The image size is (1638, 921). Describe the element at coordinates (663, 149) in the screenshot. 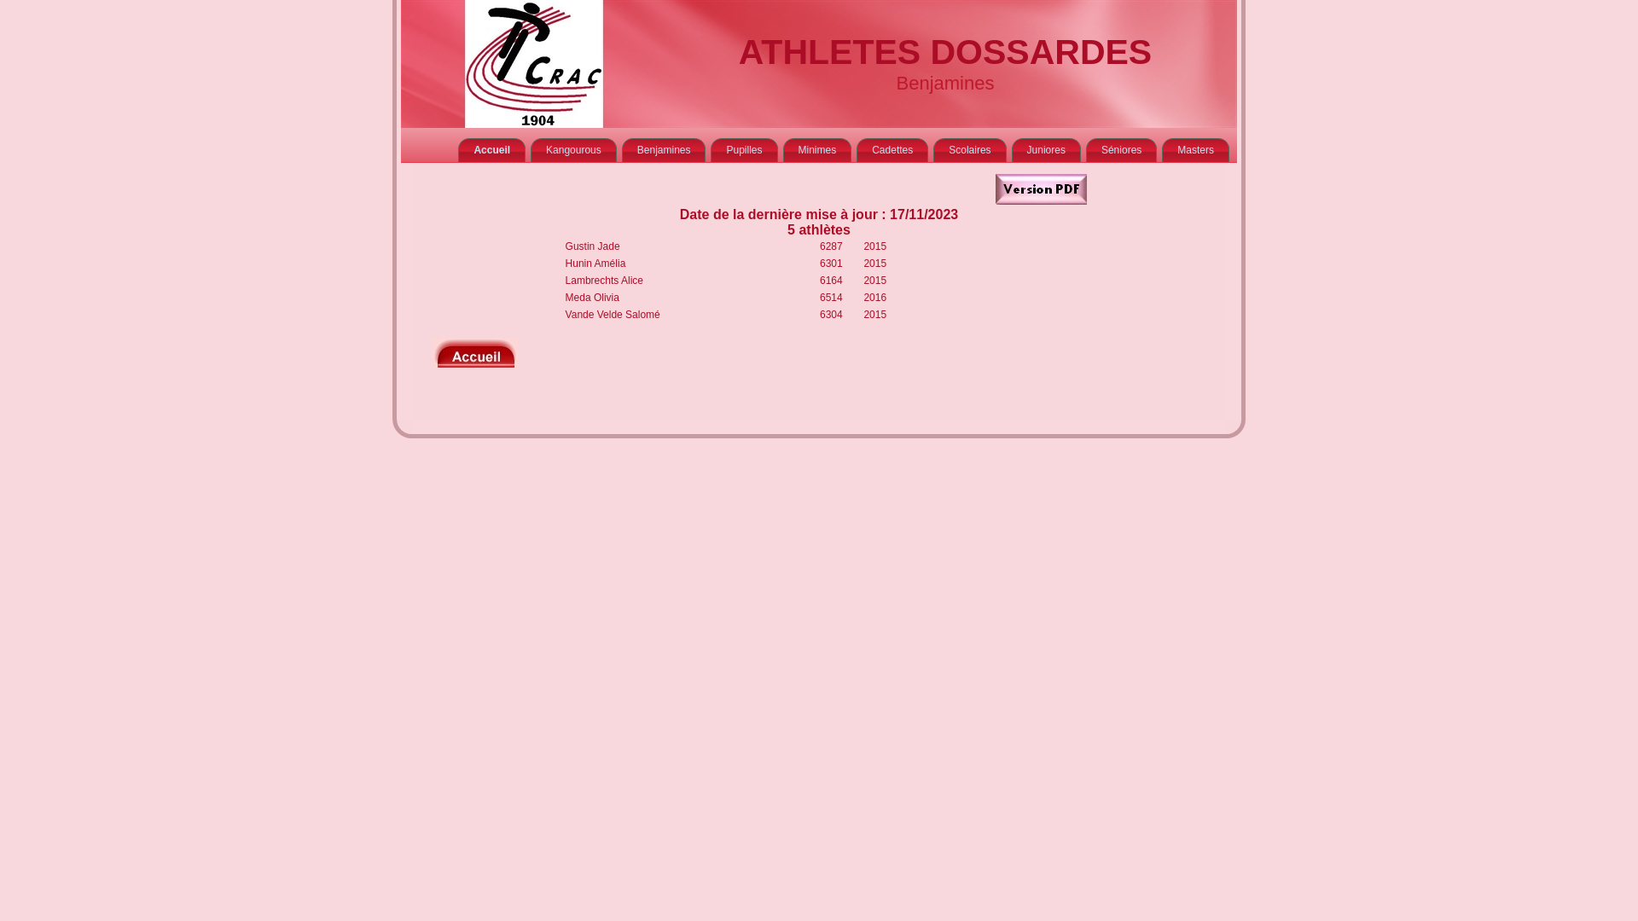

I see `'Benjamines'` at that location.